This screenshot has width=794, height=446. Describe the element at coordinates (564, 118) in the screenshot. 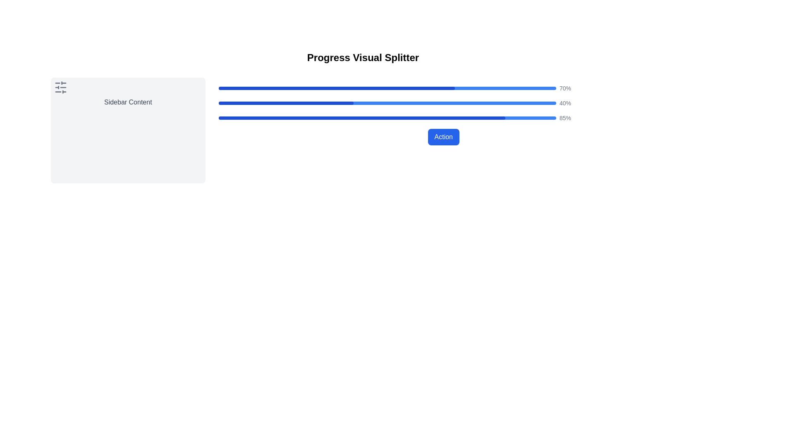

I see `the static text displaying '85%' which is located at the right end of the third progress bar from the top, aligned centrally with the bar` at that location.